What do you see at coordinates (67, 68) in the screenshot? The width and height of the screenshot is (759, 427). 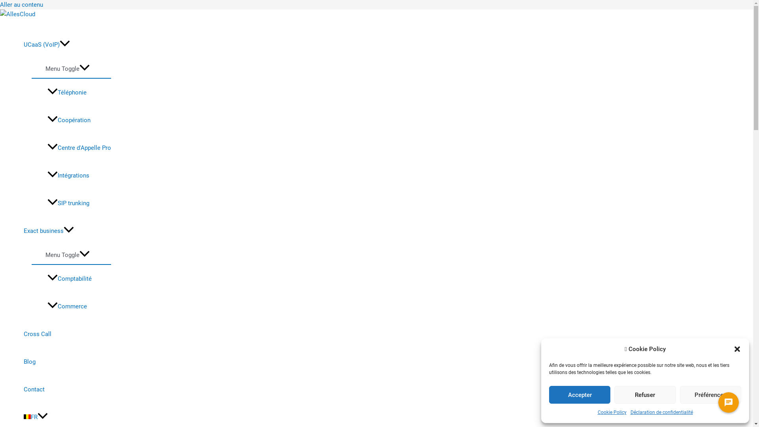 I see `'Menu Toggle'` at bounding box center [67, 68].